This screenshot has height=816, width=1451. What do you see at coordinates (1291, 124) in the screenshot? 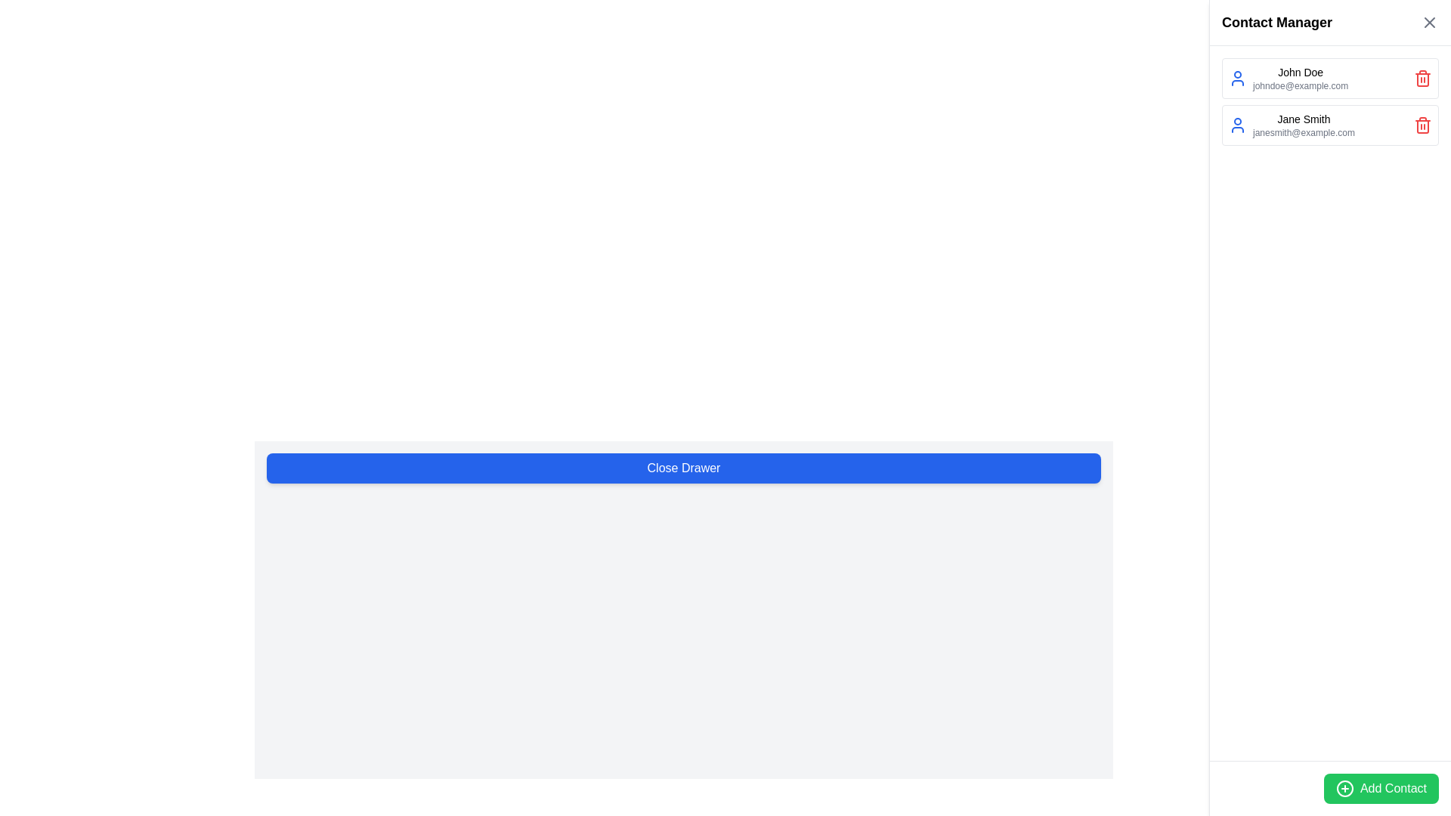
I see `the list entry for 'Jane Smith' located in the contact management system, positioned below 'John Doe' and above the 'Add Contact' button, to view details` at bounding box center [1291, 124].